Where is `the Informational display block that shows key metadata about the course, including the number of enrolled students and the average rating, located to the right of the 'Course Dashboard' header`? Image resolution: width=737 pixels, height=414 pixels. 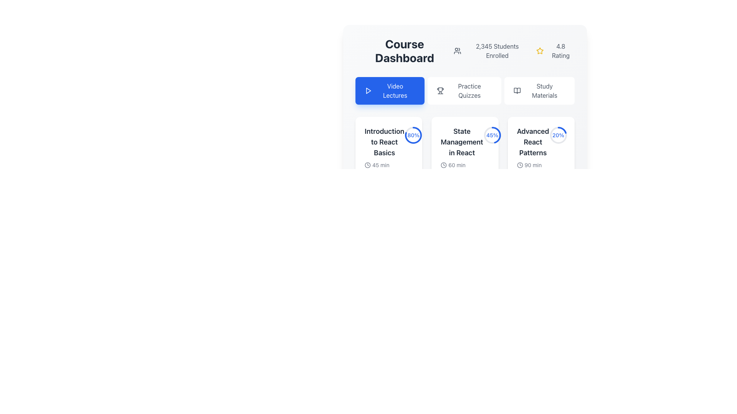
the Informational display block that shows key metadata about the course, including the number of enrolled students and the average rating, located to the right of the 'Course Dashboard' header is located at coordinates (514, 51).